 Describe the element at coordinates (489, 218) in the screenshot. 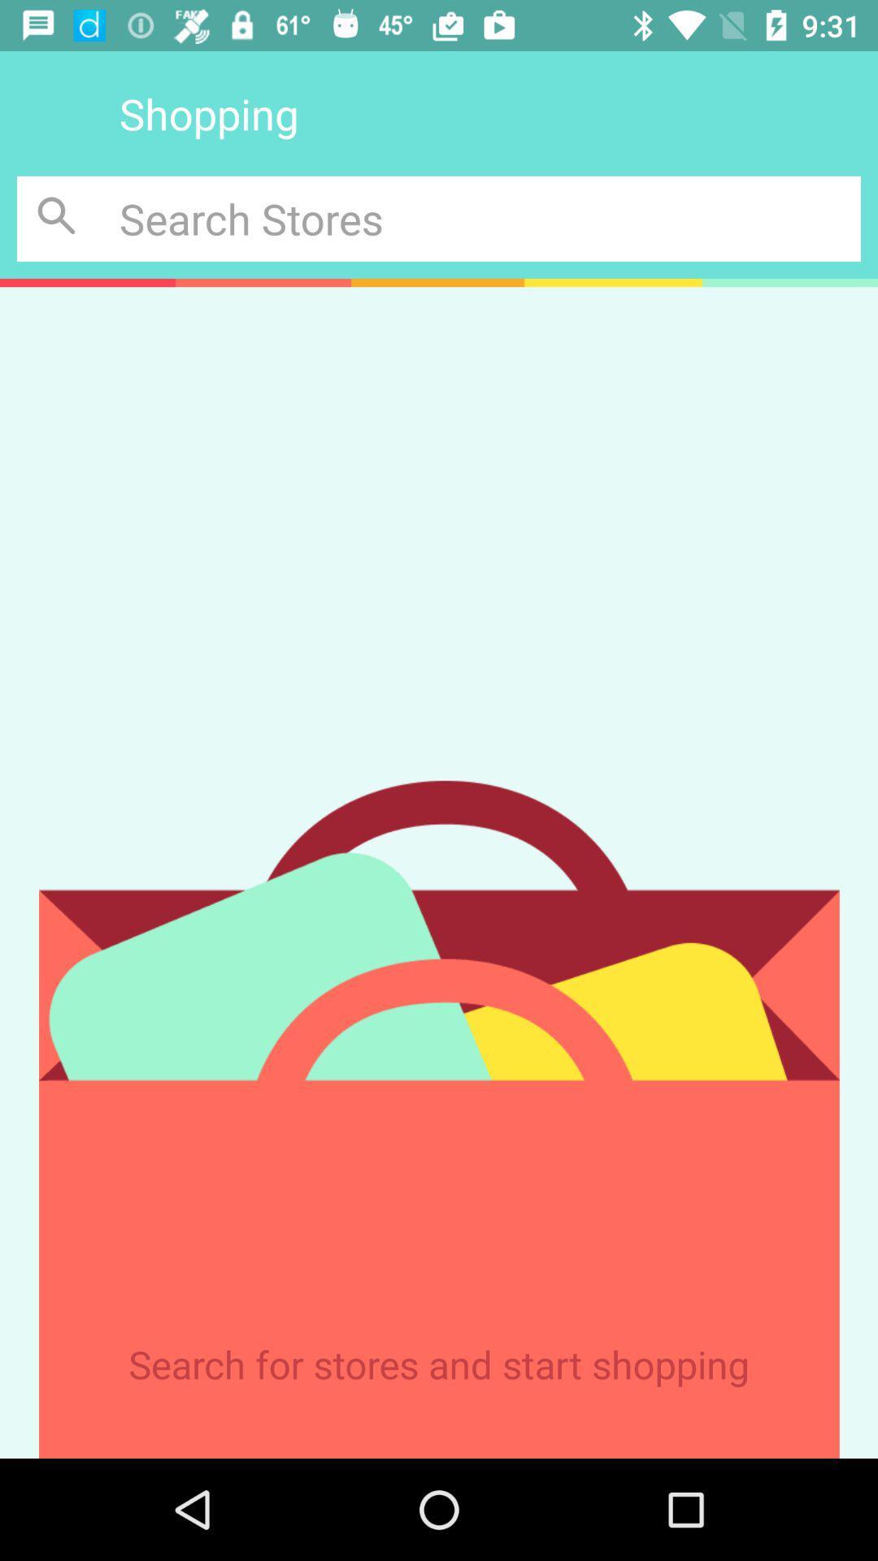

I see `search for stores` at that location.